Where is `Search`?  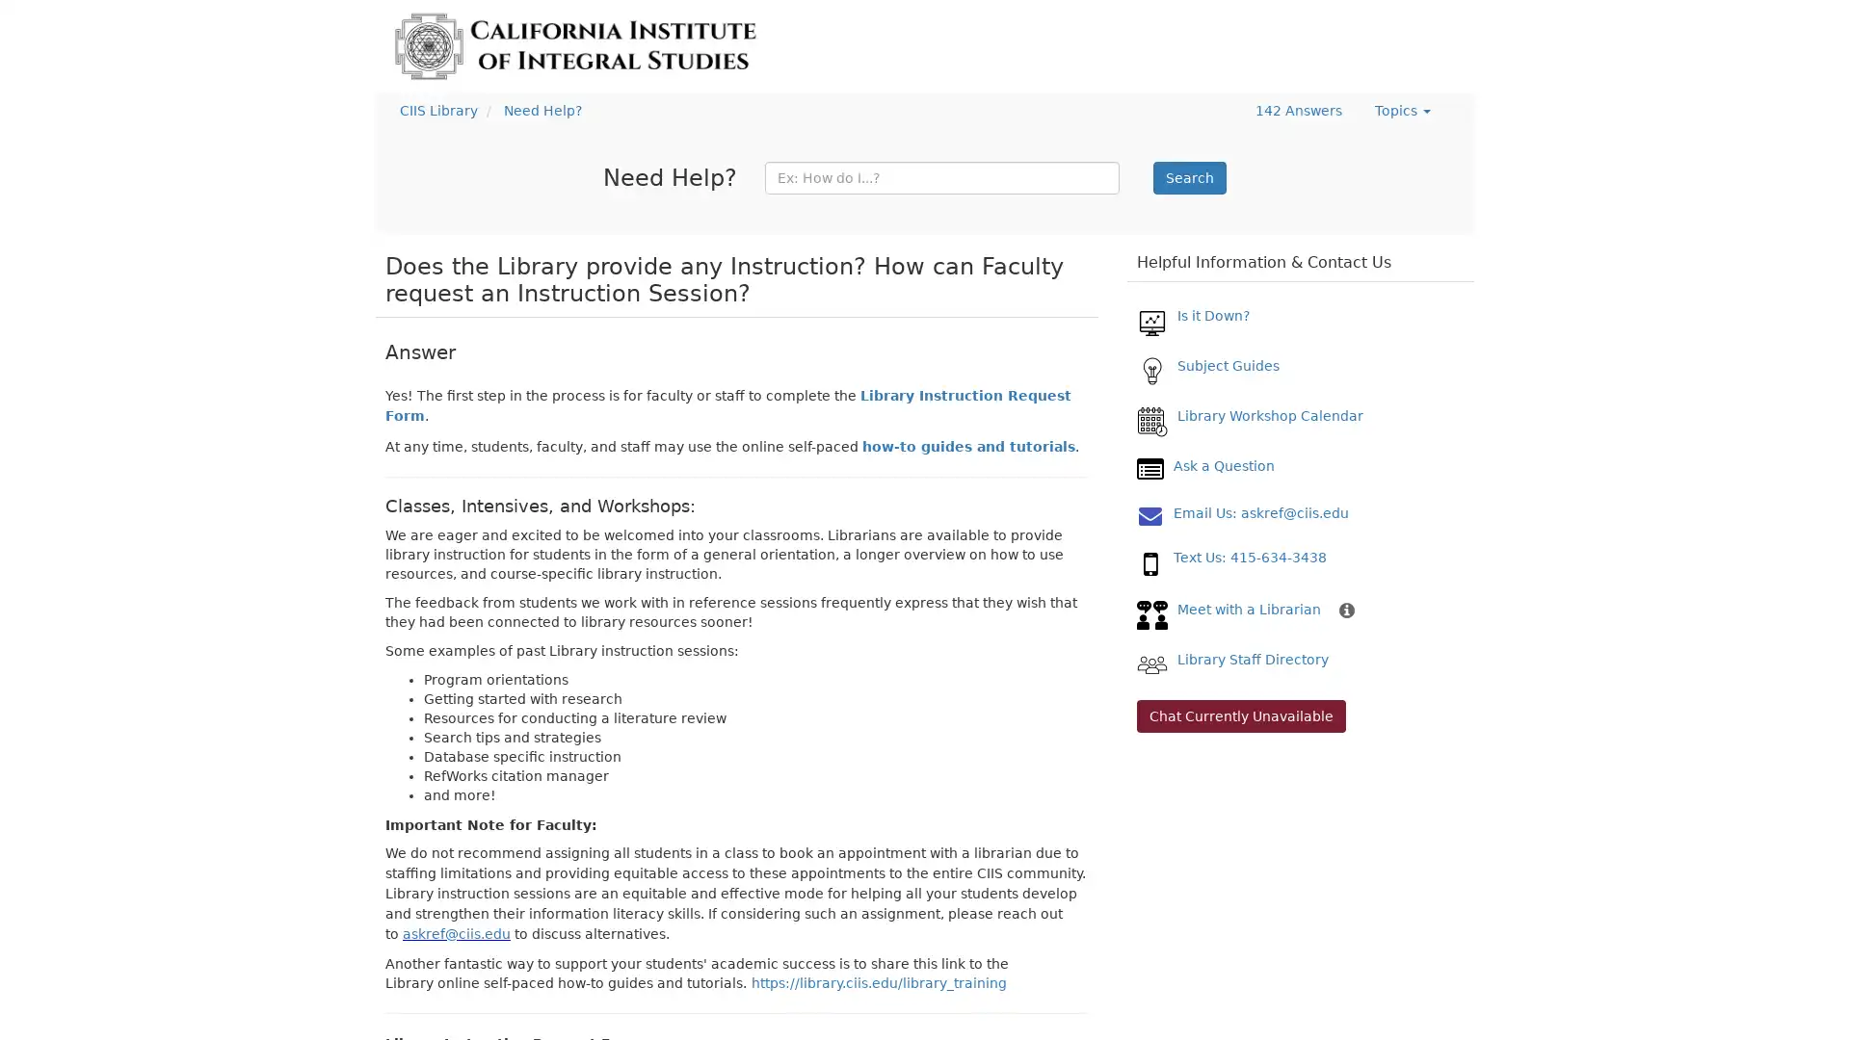 Search is located at coordinates (1188, 178).